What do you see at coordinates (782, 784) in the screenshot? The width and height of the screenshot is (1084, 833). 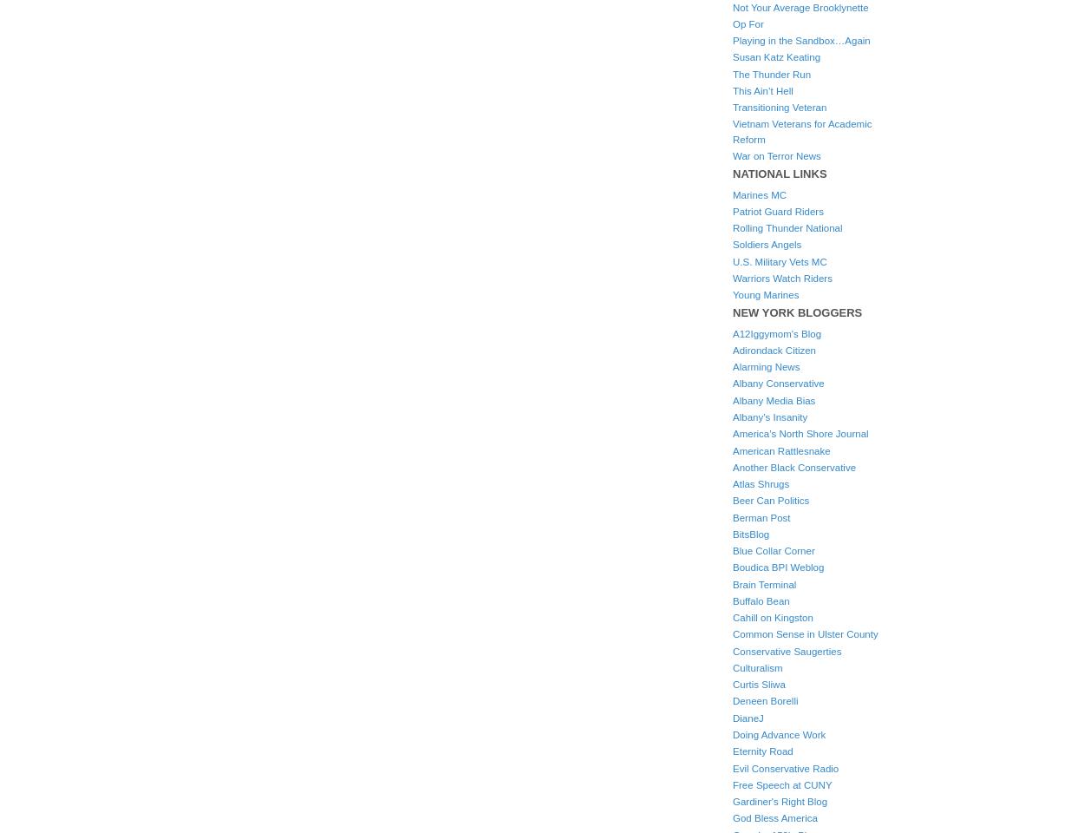 I see `'Free Speech at CUNY'` at bounding box center [782, 784].